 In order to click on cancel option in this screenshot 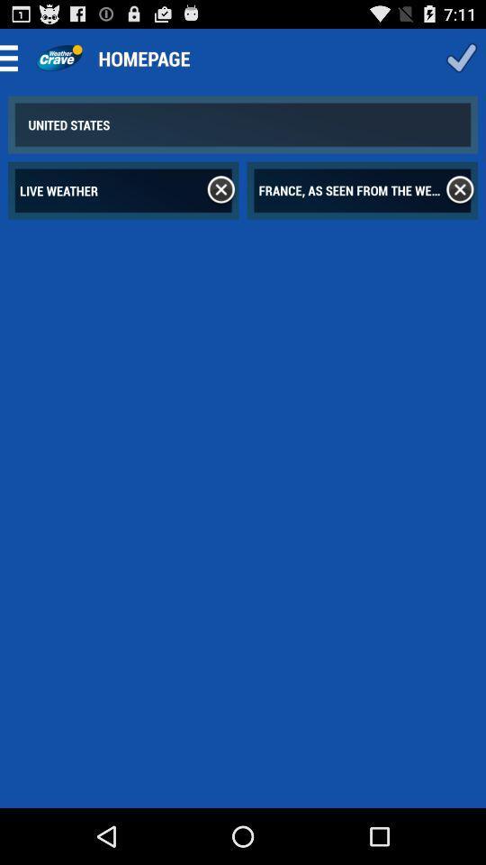, I will do `click(460, 190)`.